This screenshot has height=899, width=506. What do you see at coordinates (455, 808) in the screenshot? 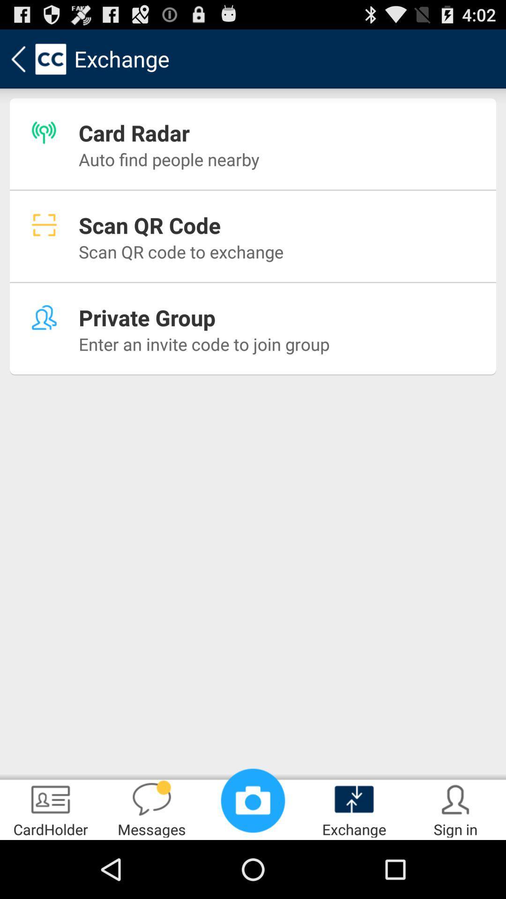
I see `icon next to the exchange item` at bounding box center [455, 808].